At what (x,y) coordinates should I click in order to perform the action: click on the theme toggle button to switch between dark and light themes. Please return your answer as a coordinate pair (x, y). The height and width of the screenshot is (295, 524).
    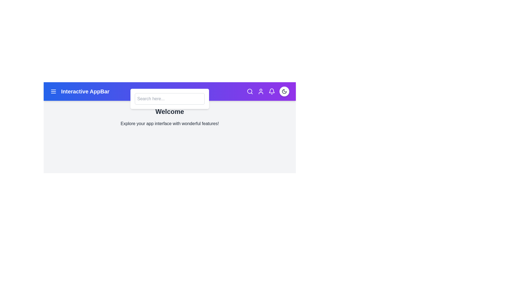
    Looking at the image, I should click on (284, 91).